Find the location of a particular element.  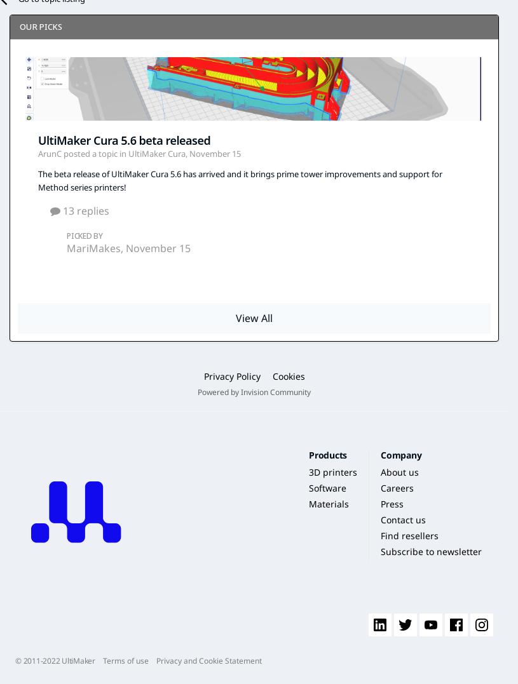

'View All' is located at coordinates (254, 317).